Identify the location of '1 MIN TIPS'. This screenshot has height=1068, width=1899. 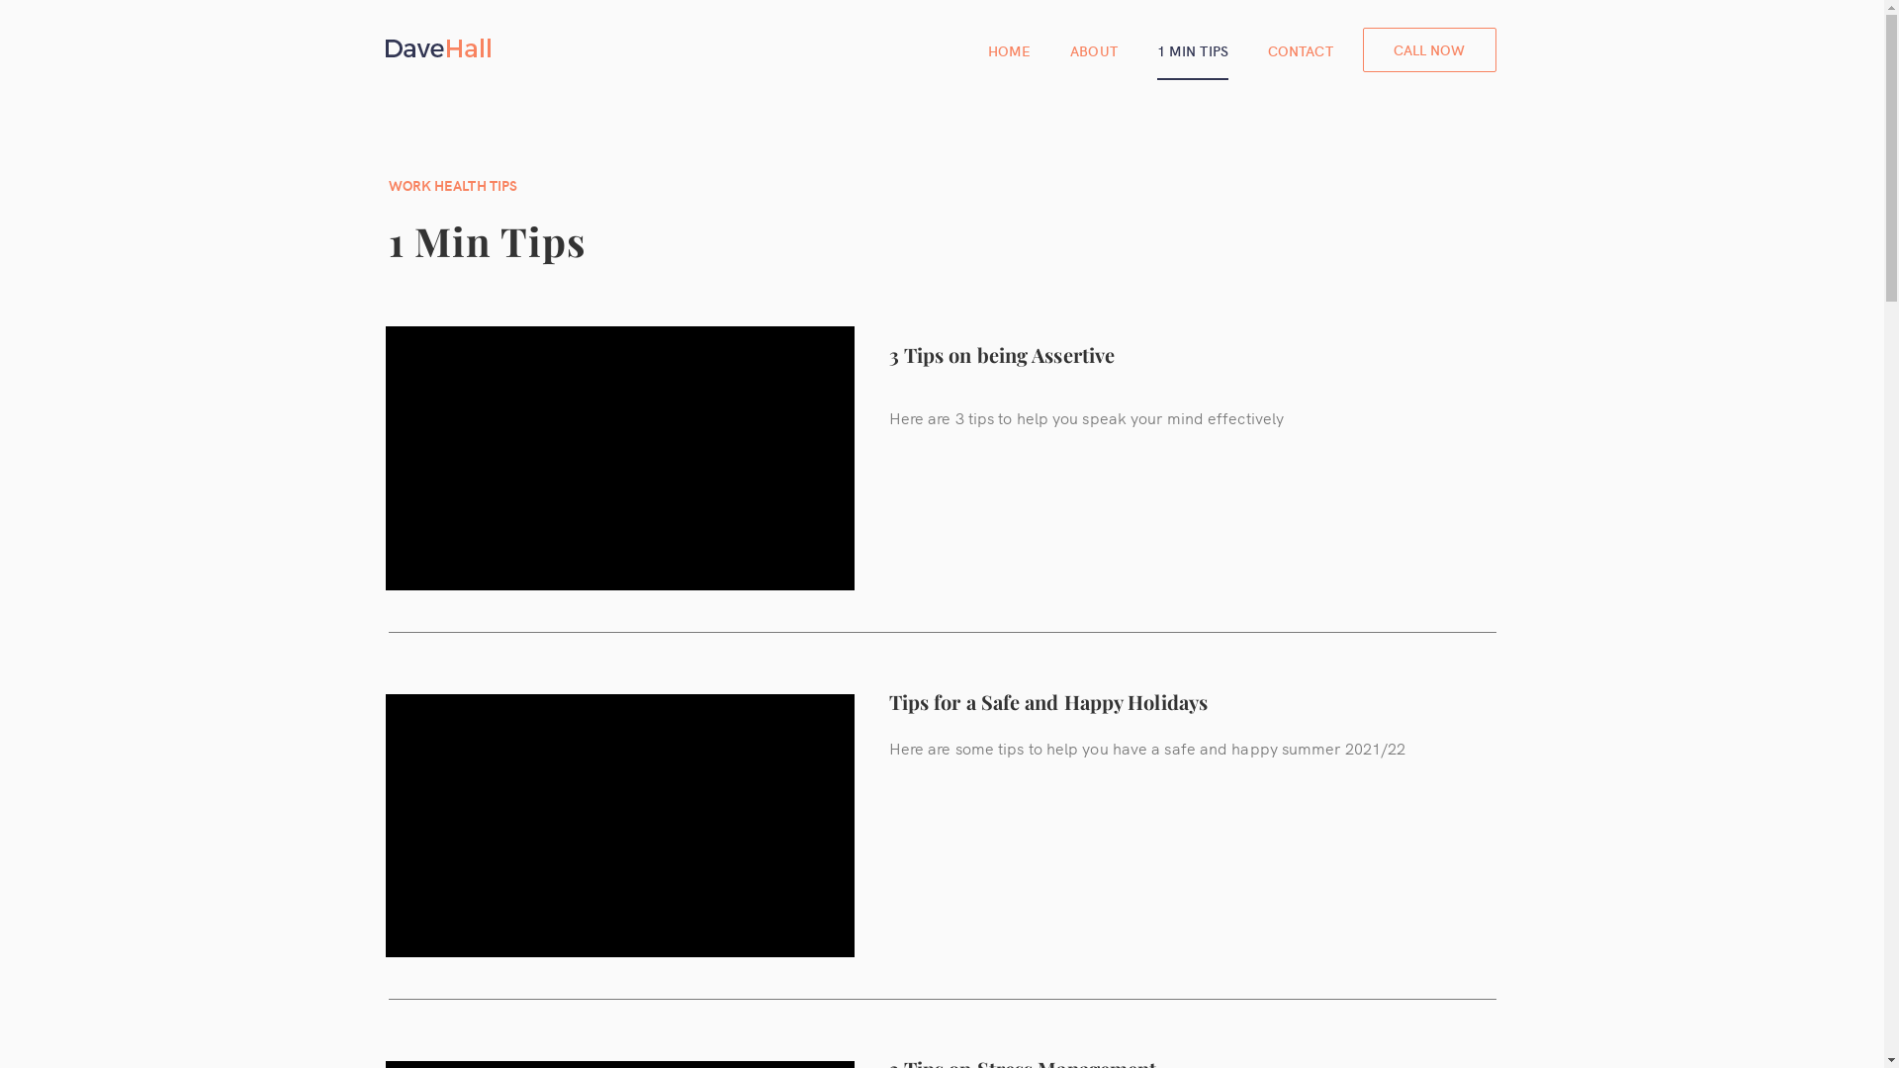
(1191, 48).